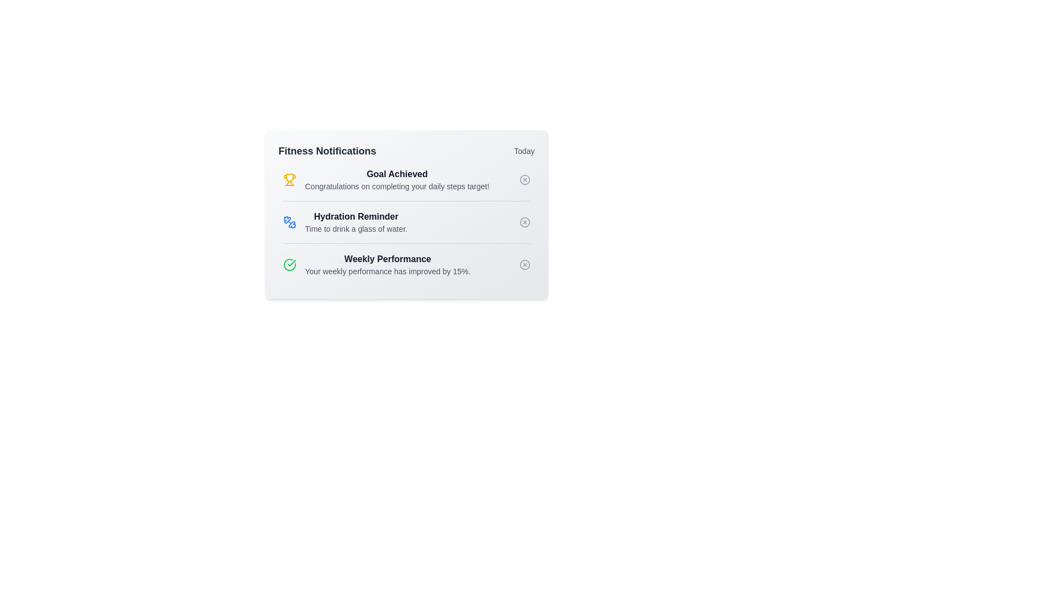 The image size is (1060, 596). Describe the element at coordinates (397, 179) in the screenshot. I see `the 'Goal Achieved' text display, which features a bold title in black font and a descriptive text in gray font, located in the upper section of the 'Fitness Notifications' panel` at that location.